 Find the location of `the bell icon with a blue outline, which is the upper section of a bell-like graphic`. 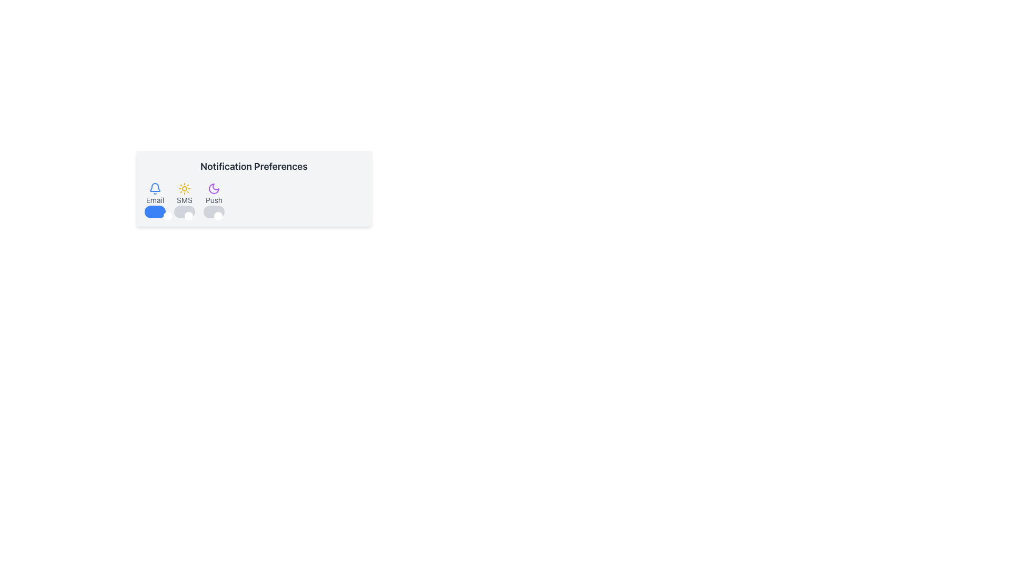

the bell icon with a blue outline, which is the upper section of a bell-like graphic is located at coordinates (154, 187).